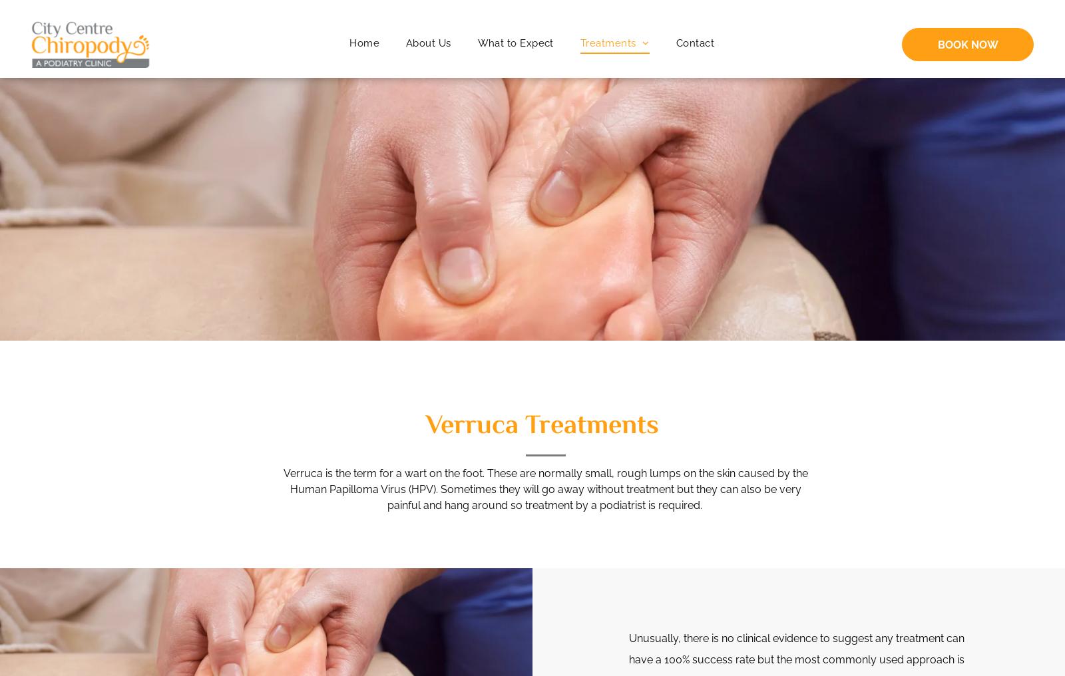 This screenshot has height=676, width=1065. Describe the element at coordinates (640, 65) in the screenshot. I see `'Podiatry / Chiropody'` at that location.